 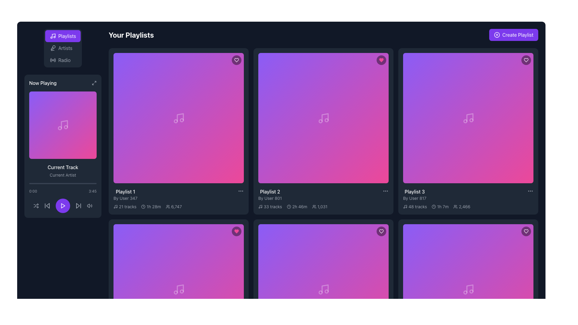 What do you see at coordinates (63, 48) in the screenshot?
I see `the 'Playlists', 'Artists', and 'Radio' options in the Navigation menu` at bounding box center [63, 48].